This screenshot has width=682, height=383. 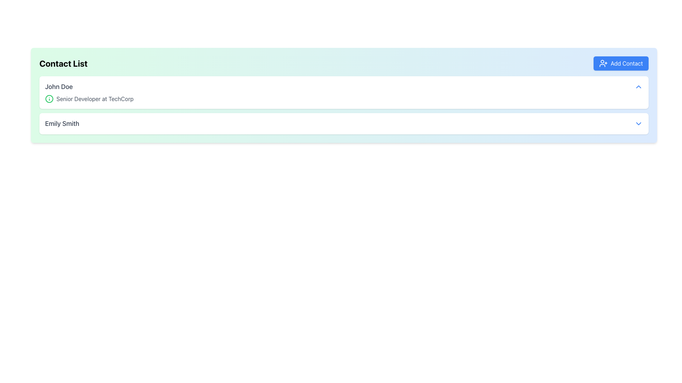 What do you see at coordinates (63, 63) in the screenshot?
I see `the text element displaying 'Contact List', which is in bold and larger font, located in the top-left corner of the interface with a faint green background` at bounding box center [63, 63].